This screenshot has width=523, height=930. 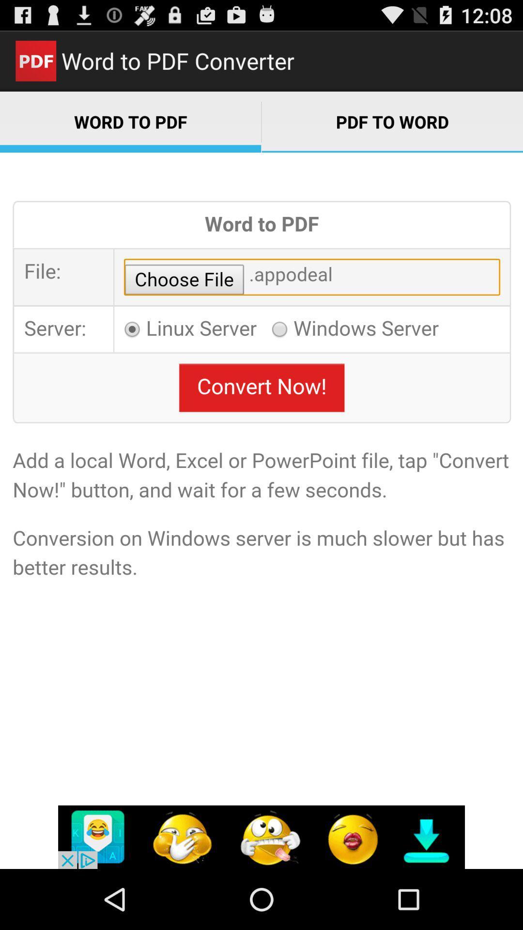 What do you see at coordinates (261, 510) in the screenshot?
I see `word to pdf main area` at bounding box center [261, 510].